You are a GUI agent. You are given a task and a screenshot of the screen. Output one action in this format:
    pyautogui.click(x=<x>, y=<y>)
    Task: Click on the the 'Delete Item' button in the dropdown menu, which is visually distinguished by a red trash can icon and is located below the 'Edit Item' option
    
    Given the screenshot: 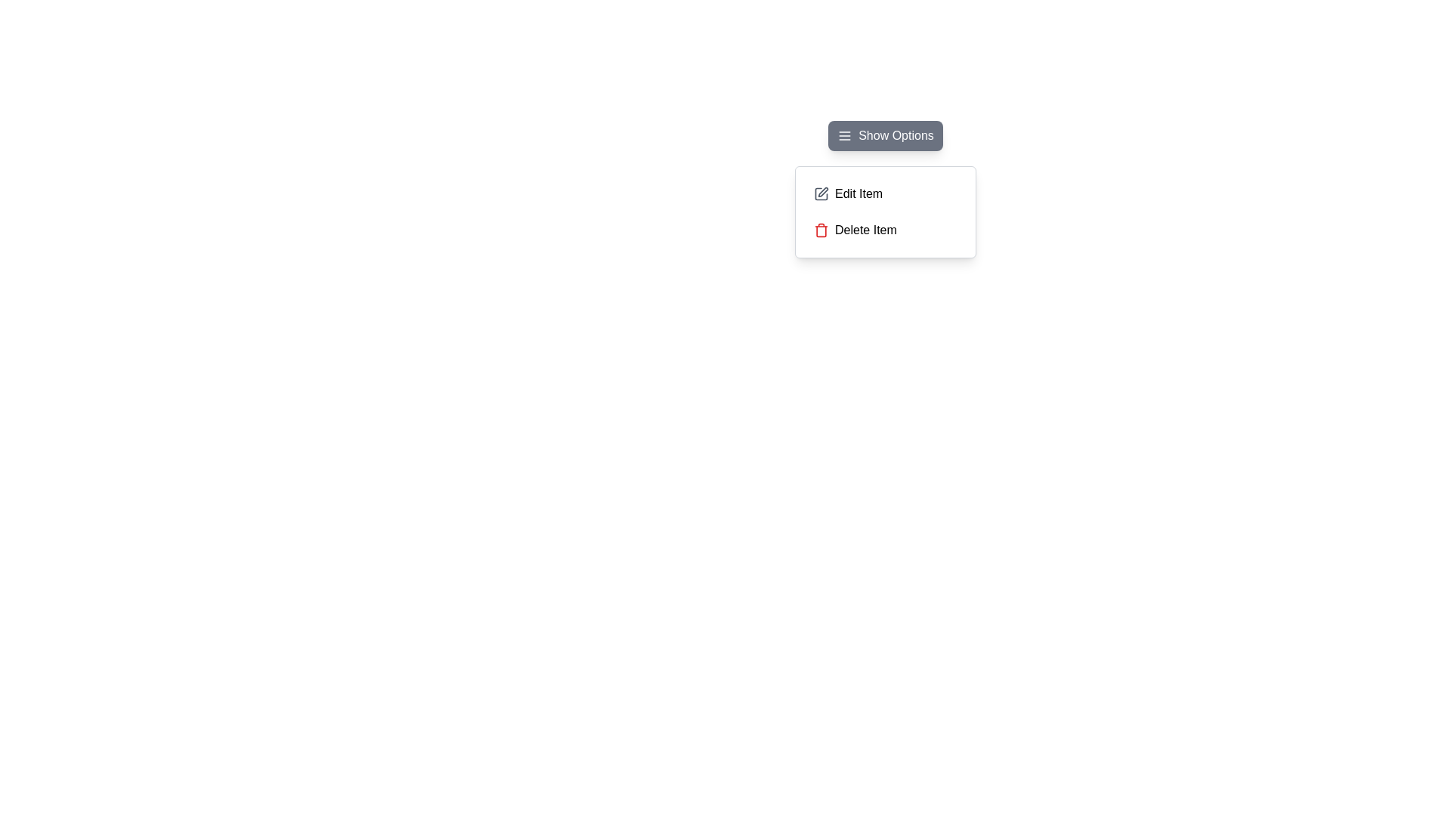 What is the action you would take?
    pyautogui.click(x=885, y=230)
    